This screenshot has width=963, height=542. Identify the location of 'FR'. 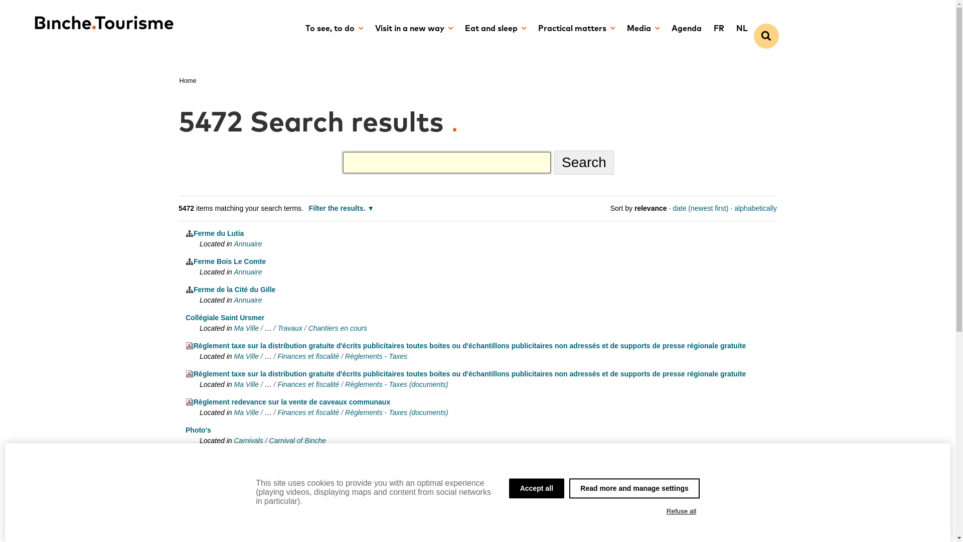
(707, 28).